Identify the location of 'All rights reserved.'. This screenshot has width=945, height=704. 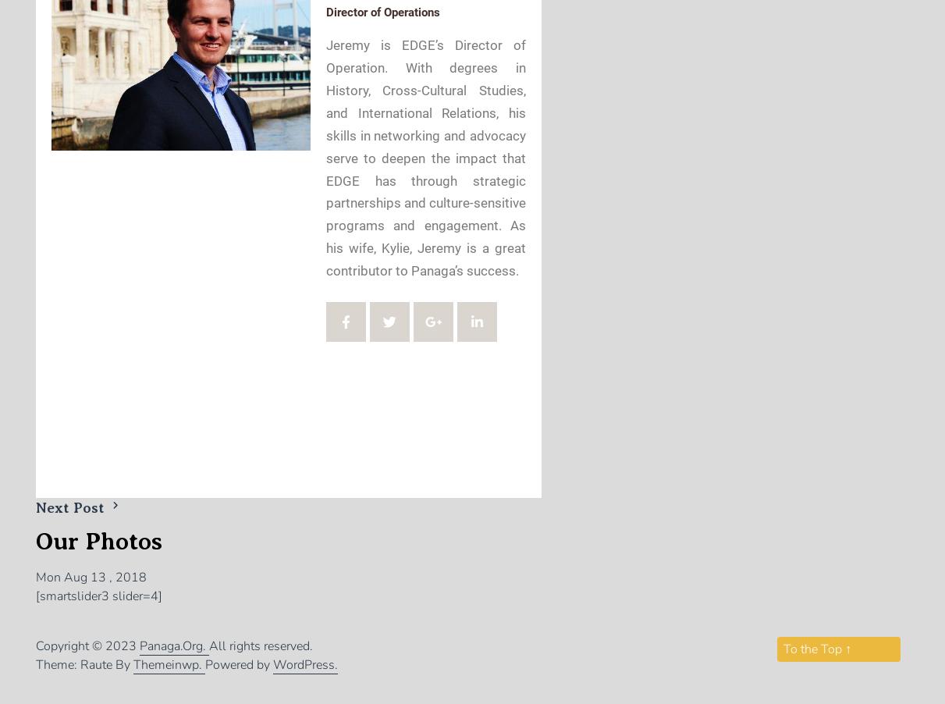
(261, 645).